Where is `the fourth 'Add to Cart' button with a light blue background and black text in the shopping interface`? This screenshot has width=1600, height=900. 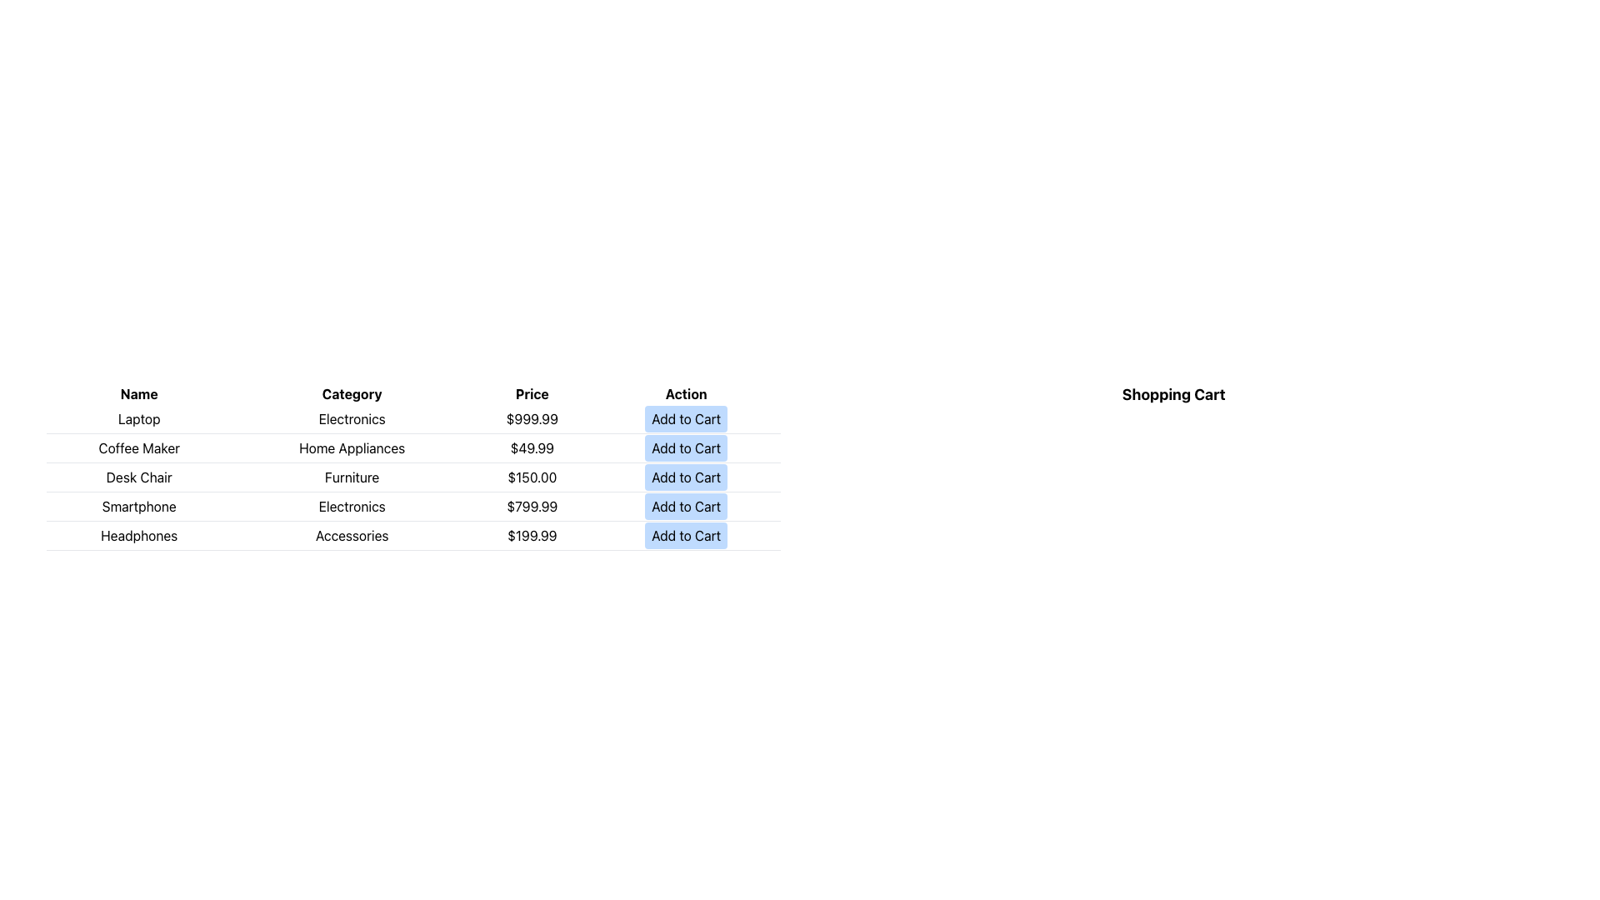 the fourth 'Add to Cart' button with a light blue background and black text in the shopping interface is located at coordinates (686, 506).